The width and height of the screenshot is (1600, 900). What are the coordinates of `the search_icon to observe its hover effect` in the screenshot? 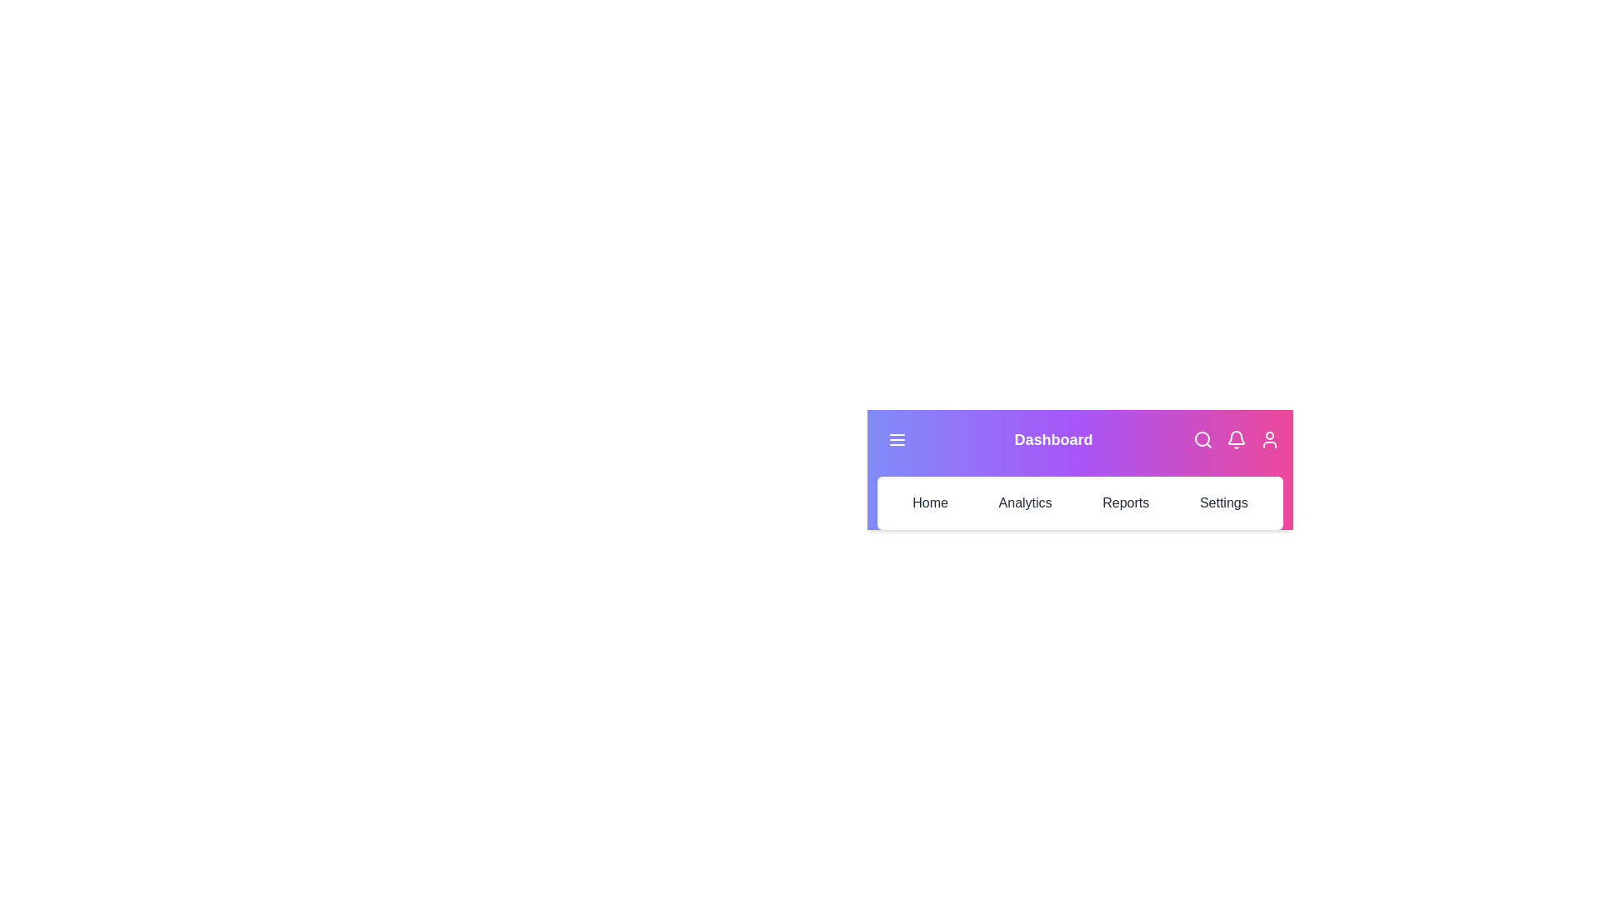 It's located at (1203, 439).